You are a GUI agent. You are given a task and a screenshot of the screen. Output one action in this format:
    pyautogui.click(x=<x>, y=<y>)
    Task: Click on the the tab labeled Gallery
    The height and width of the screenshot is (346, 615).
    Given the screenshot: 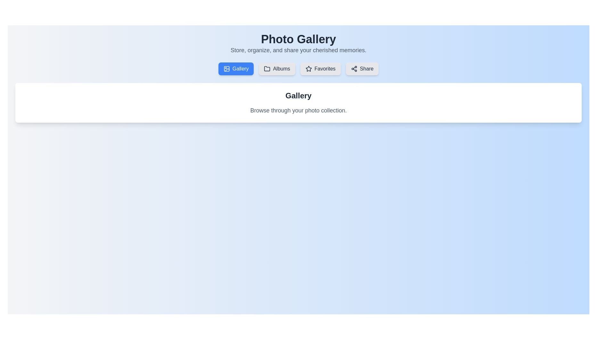 What is the action you would take?
    pyautogui.click(x=236, y=69)
    